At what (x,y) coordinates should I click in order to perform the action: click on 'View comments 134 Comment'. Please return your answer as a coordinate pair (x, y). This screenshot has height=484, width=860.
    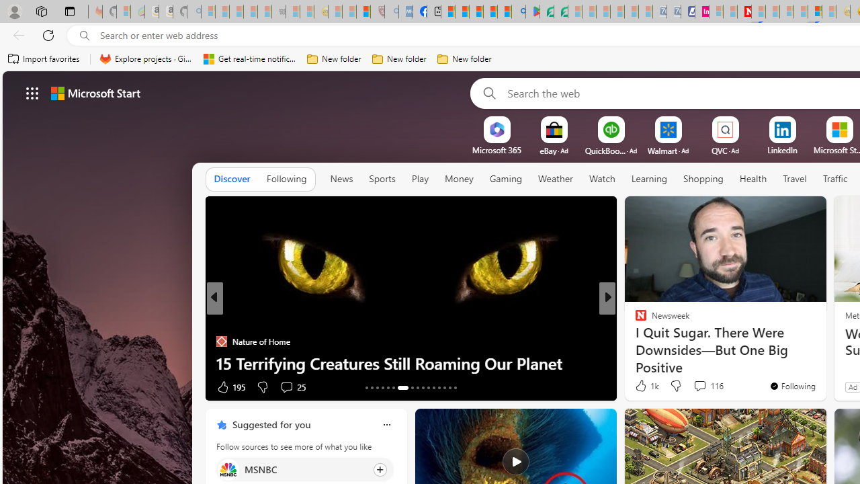
    Looking at the image, I should click on (696, 387).